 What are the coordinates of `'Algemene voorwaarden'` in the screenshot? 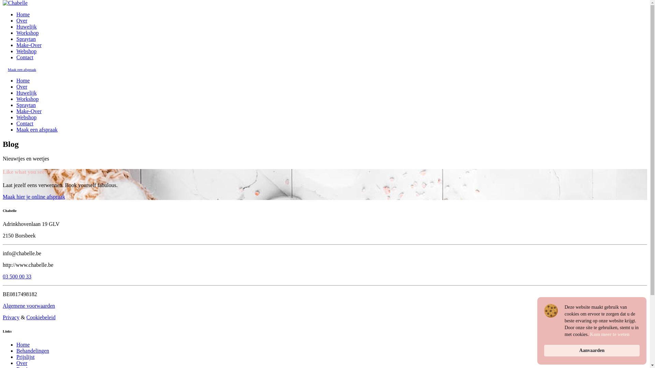 It's located at (28, 305).